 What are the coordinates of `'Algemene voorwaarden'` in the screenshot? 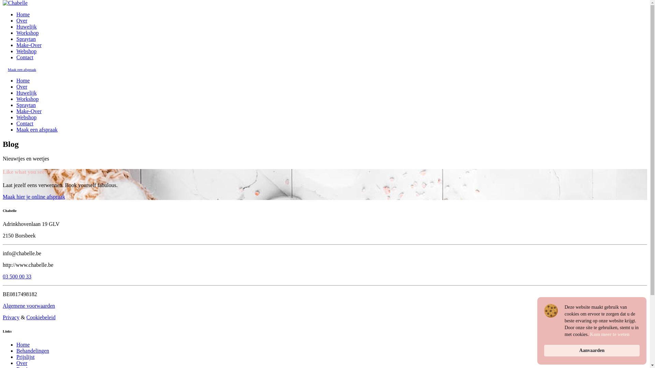 It's located at (28, 305).